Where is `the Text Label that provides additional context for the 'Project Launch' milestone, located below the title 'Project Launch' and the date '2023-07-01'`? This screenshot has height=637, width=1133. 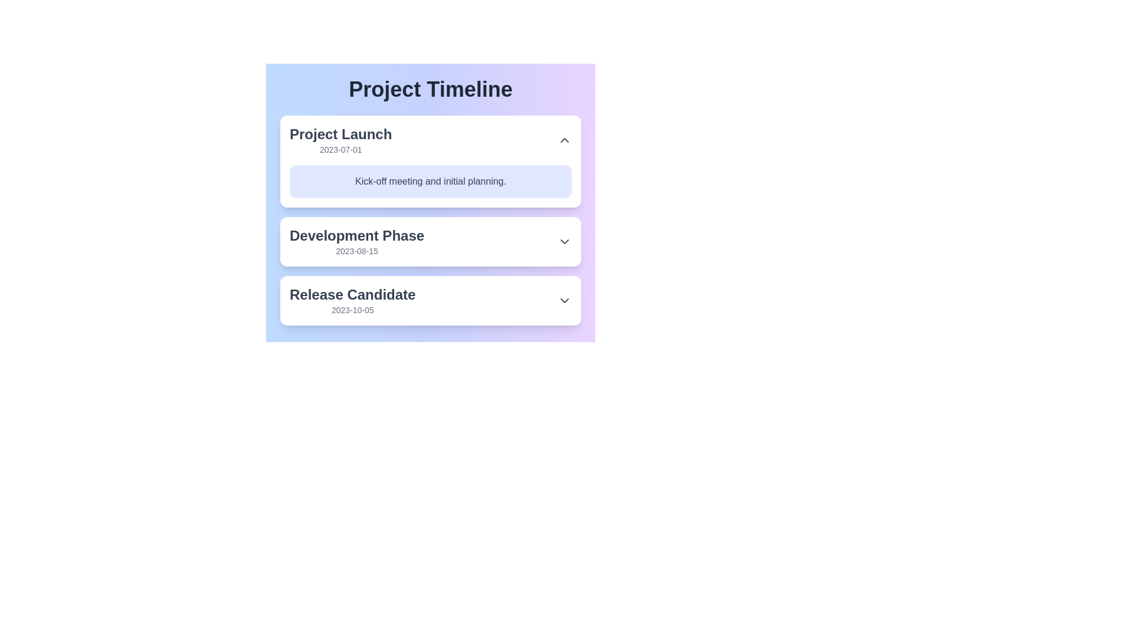 the Text Label that provides additional context for the 'Project Launch' milestone, located below the title 'Project Launch' and the date '2023-07-01' is located at coordinates (430, 182).